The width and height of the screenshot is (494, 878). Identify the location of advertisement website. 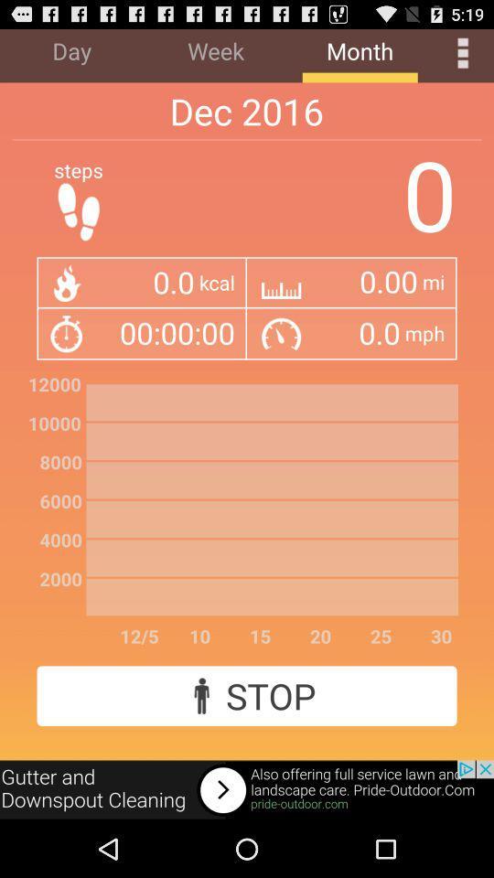
(247, 789).